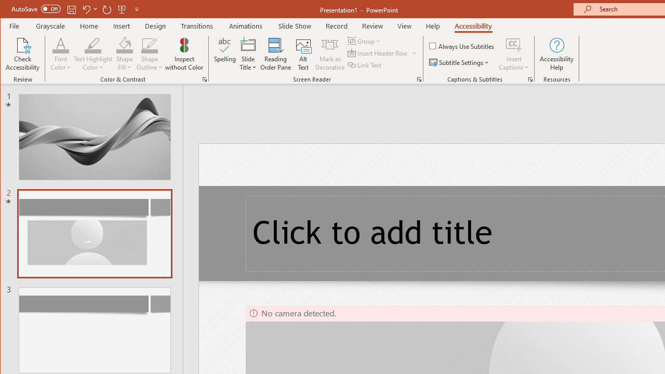 Image resolution: width=665 pixels, height=374 pixels. I want to click on 'Design', so click(155, 25).